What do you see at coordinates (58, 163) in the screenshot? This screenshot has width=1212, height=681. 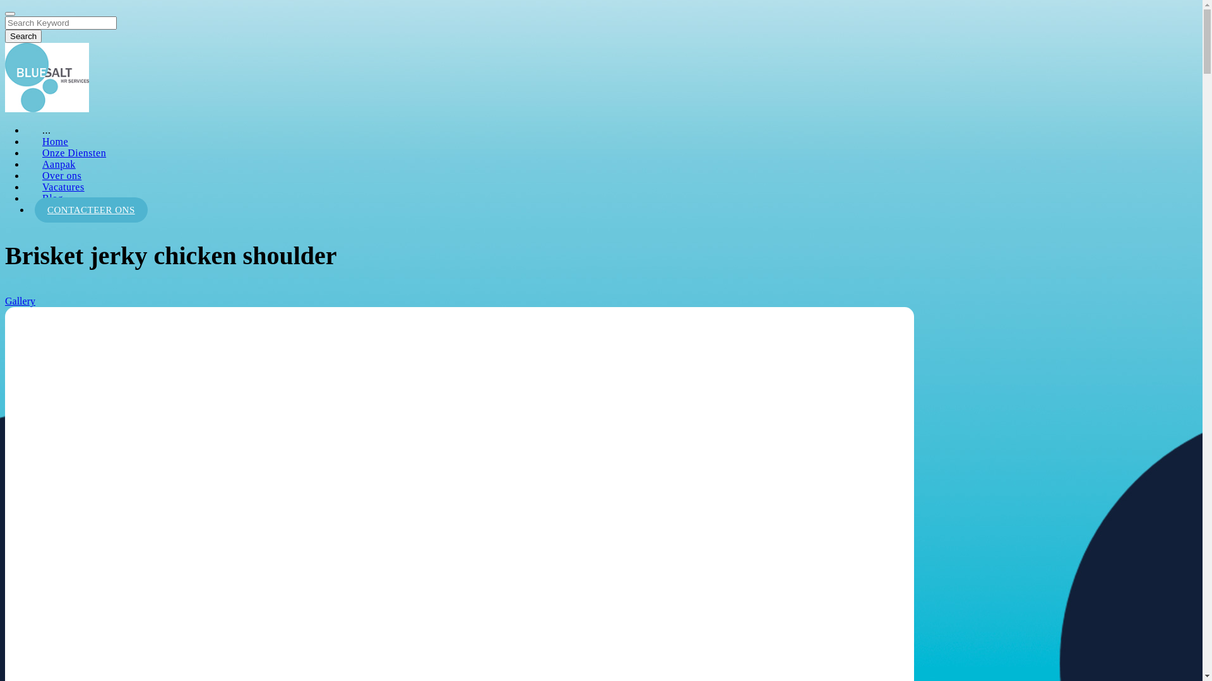 I see `'Aanpak'` at bounding box center [58, 163].